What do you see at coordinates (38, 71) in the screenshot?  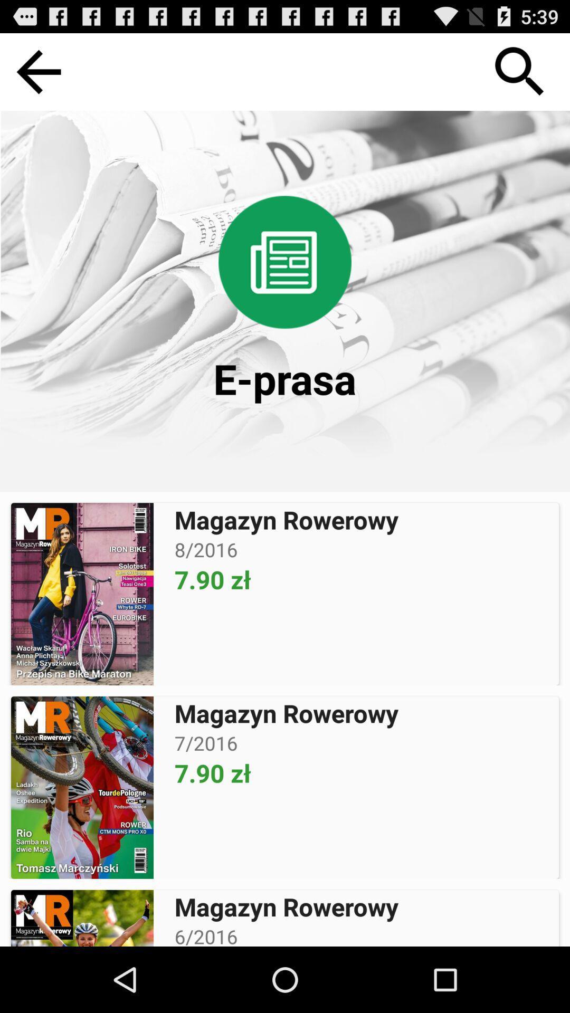 I see `icon at the top left corner` at bounding box center [38, 71].